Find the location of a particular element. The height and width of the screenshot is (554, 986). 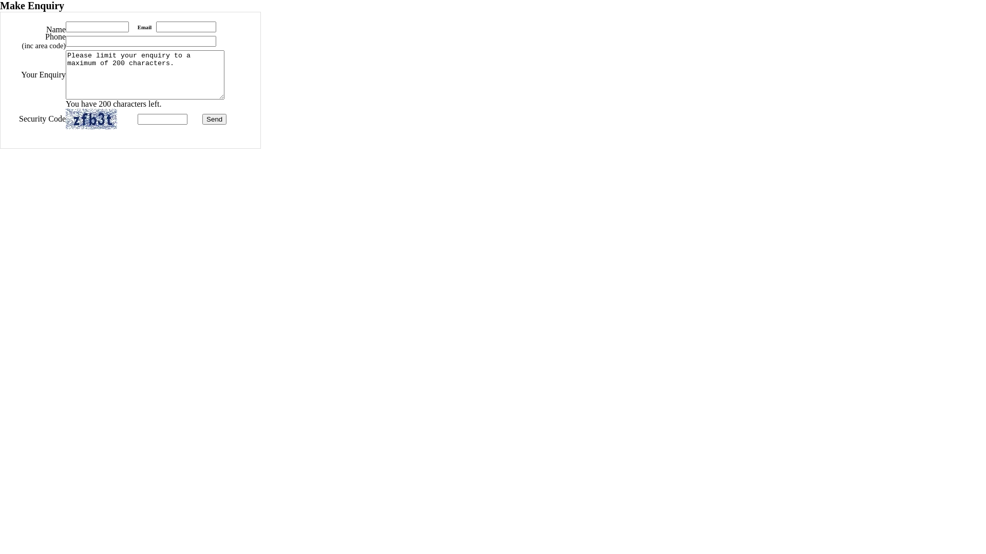

'Send' is located at coordinates (214, 118).